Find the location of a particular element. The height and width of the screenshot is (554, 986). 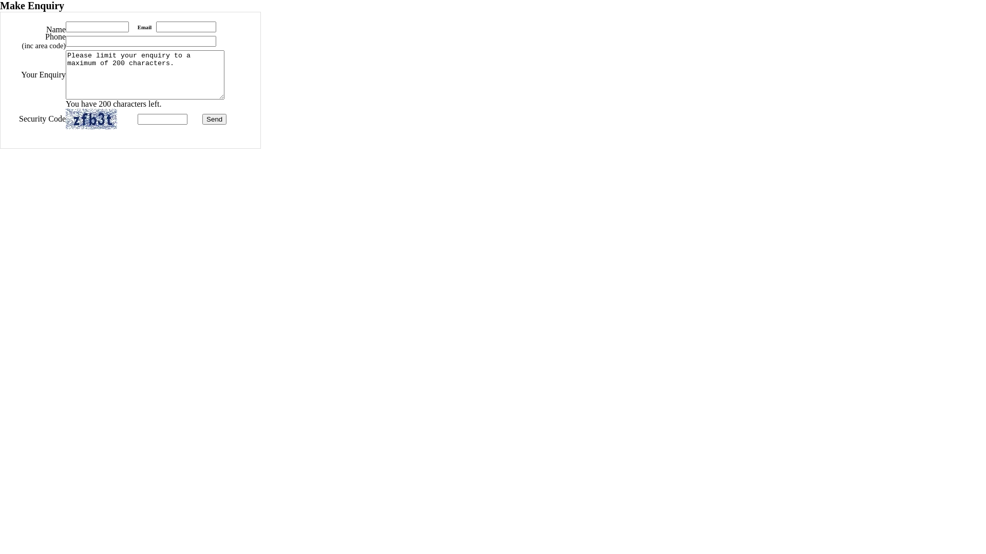

'Send' is located at coordinates (214, 118).